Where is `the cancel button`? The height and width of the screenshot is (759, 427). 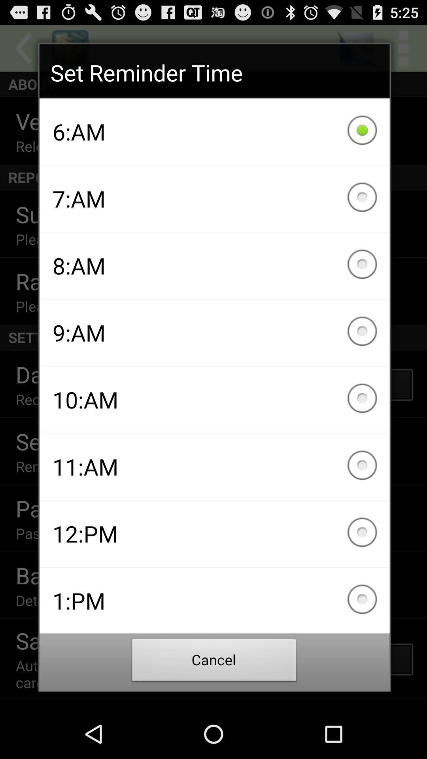
the cancel button is located at coordinates (214, 662).